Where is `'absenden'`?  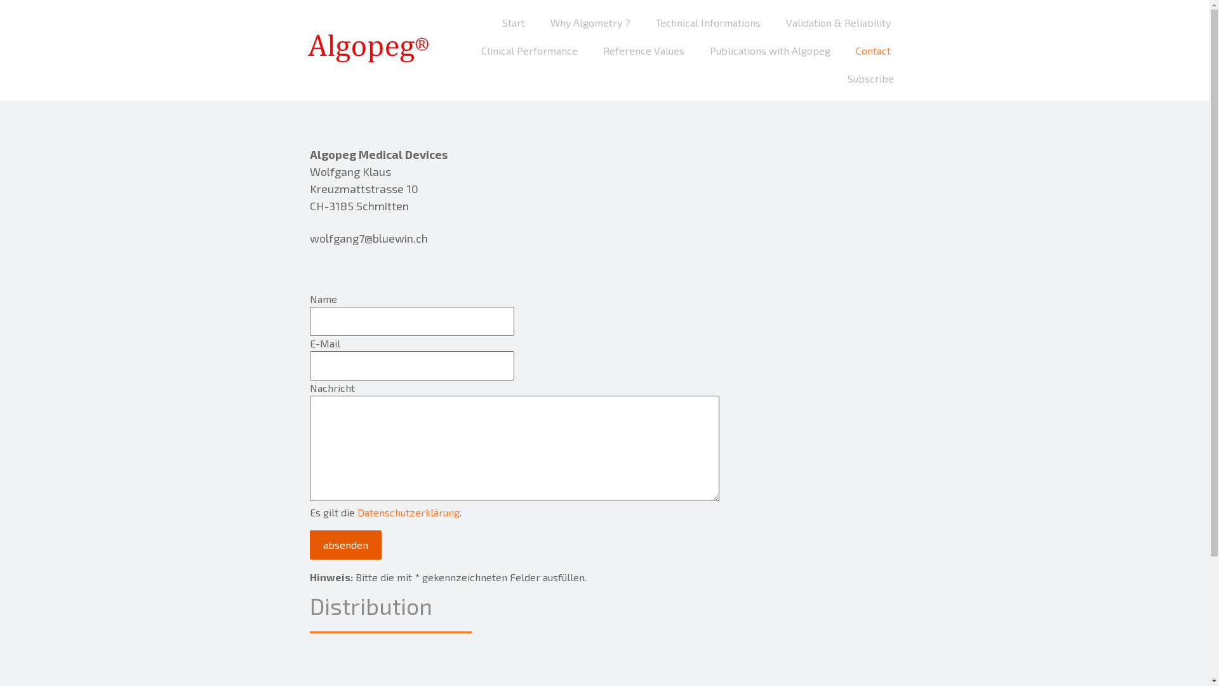
'absenden' is located at coordinates (345, 544).